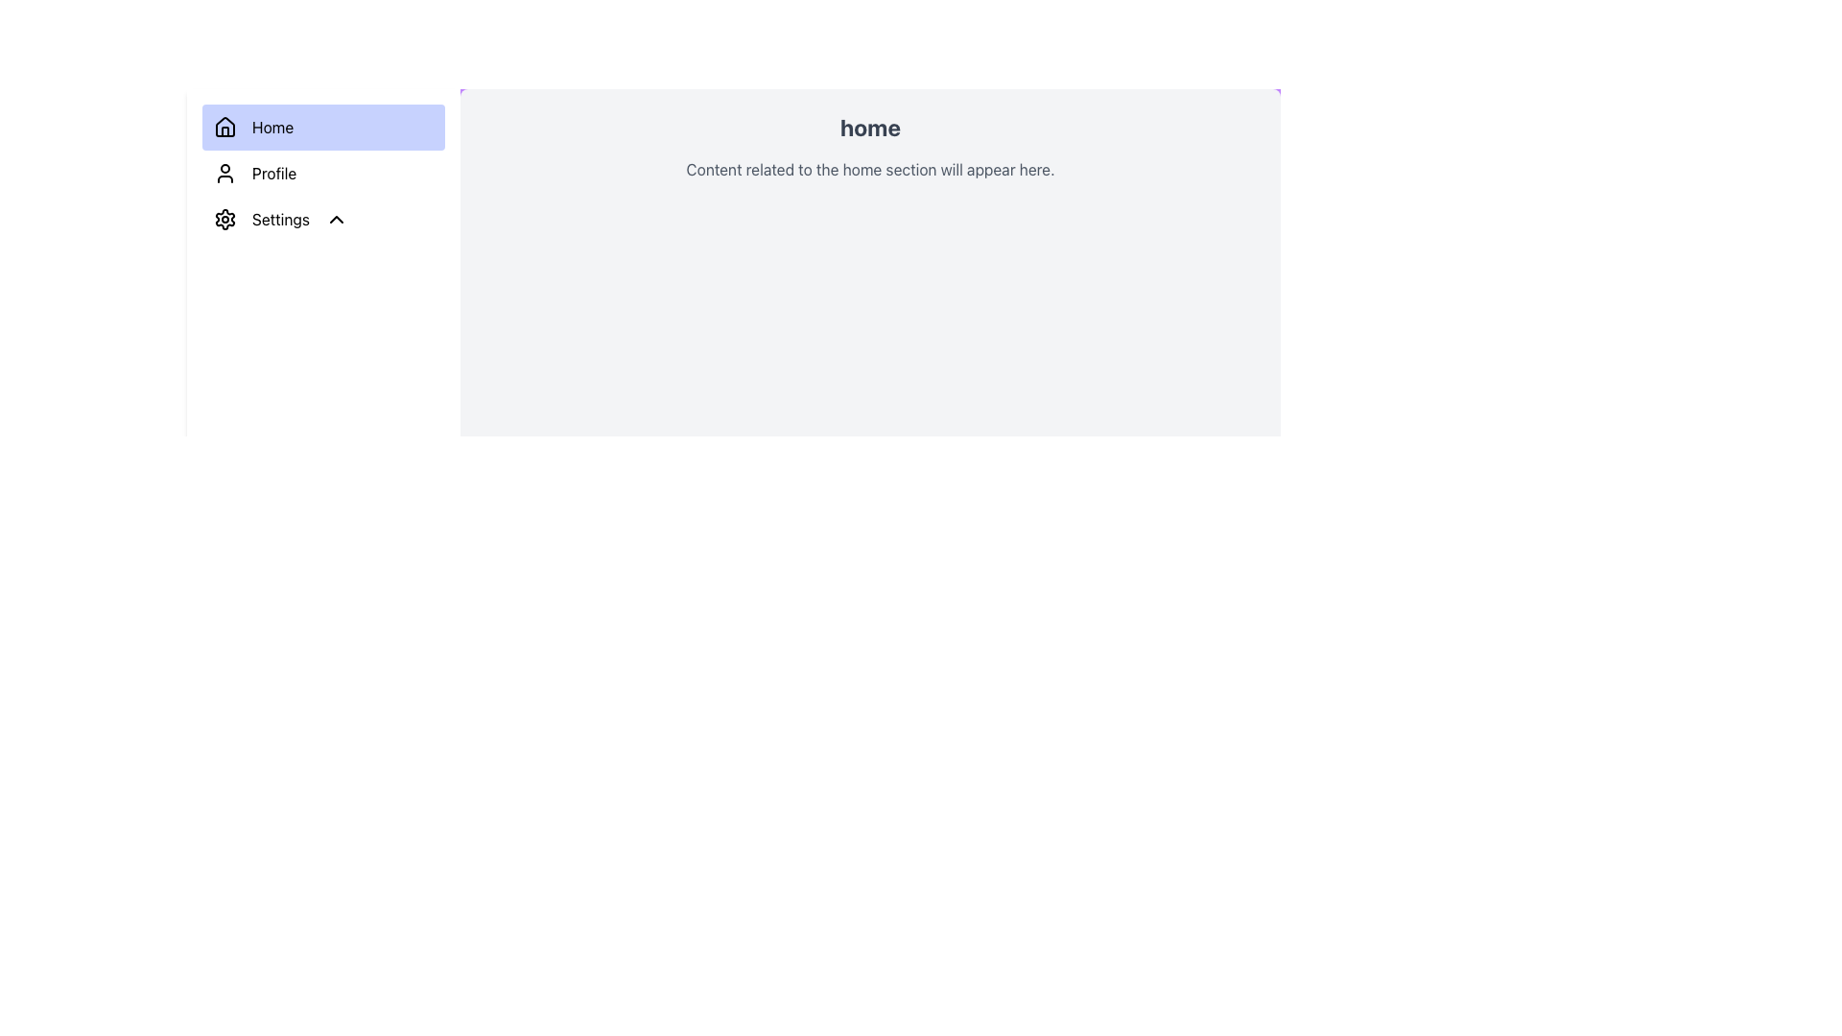 The width and height of the screenshot is (1842, 1036). Describe the element at coordinates (225, 127) in the screenshot. I see `the home icon located at the top of the sidebar, which is a dark-colored house outline with a door, positioned left of the 'Home' text` at that location.